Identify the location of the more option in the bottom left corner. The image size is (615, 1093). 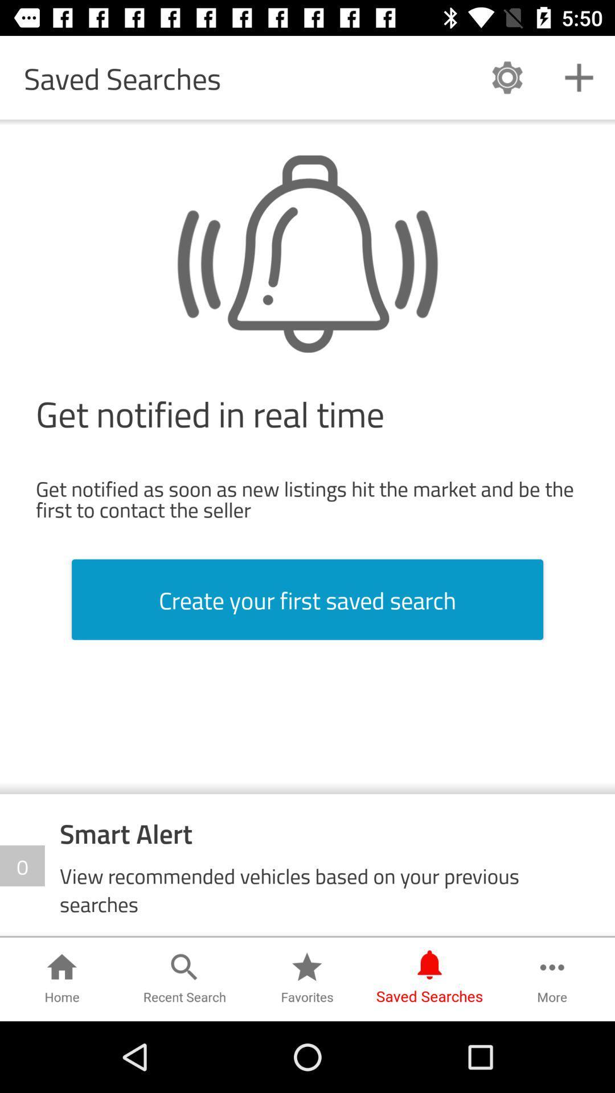
(552, 979).